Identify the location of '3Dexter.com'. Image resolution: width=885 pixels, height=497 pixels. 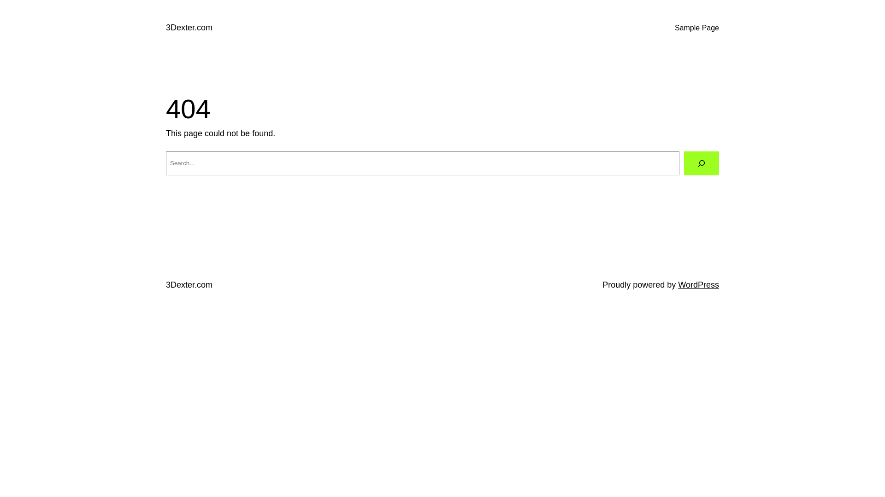
(166, 284).